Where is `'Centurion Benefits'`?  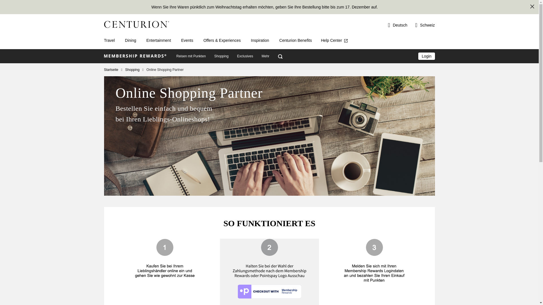 'Centurion Benefits' is located at coordinates (295, 40).